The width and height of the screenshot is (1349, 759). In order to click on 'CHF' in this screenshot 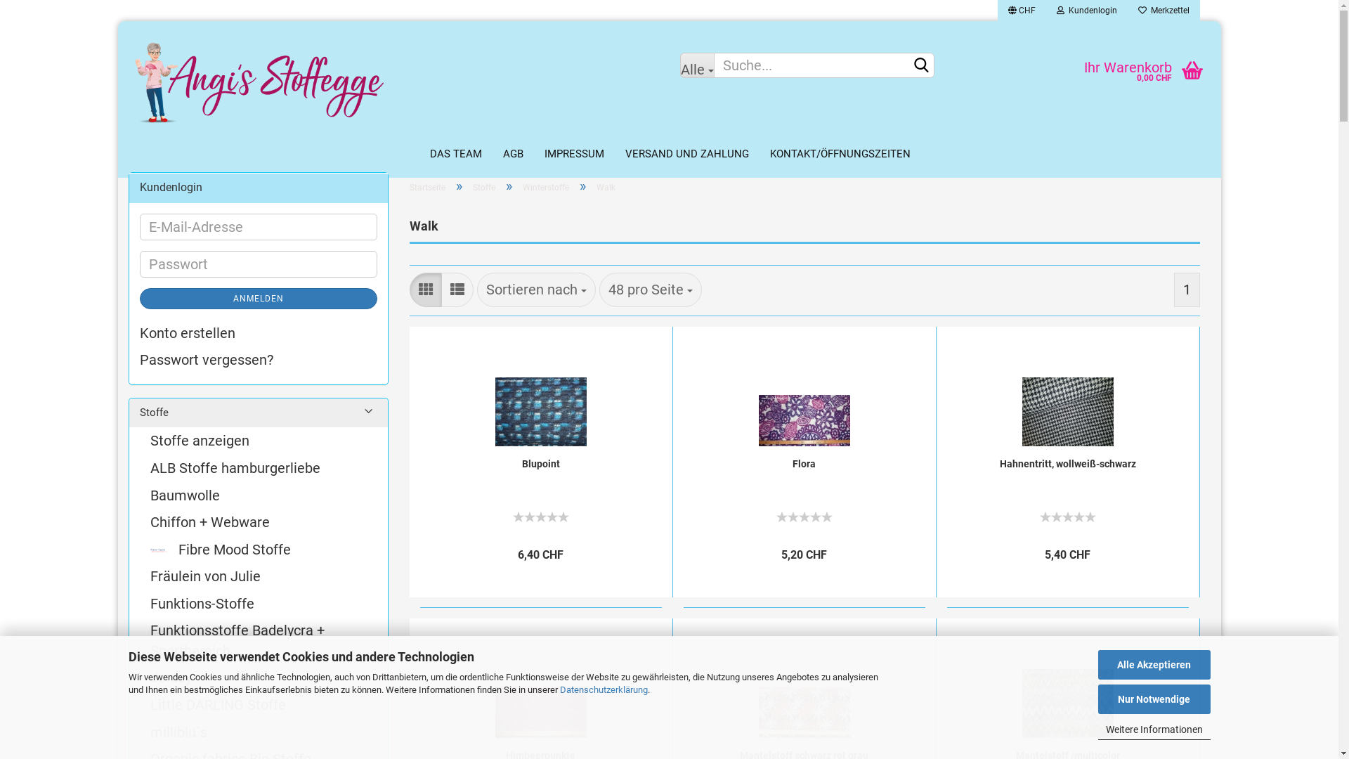, I will do `click(1022, 12)`.